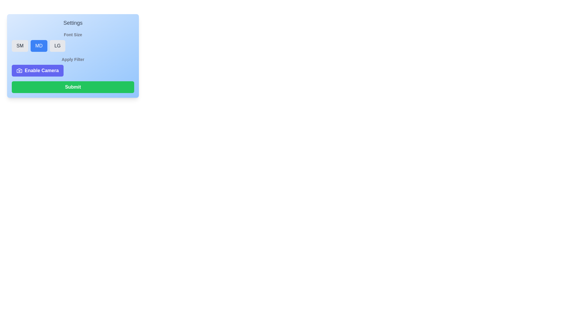  What do you see at coordinates (73, 59) in the screenshot?
I see `the static text label indicating the purpose of the nearby controls, positioned above the 'Enable Camera' button group and below the font size adjustment options` at bounding box center [73, 59].